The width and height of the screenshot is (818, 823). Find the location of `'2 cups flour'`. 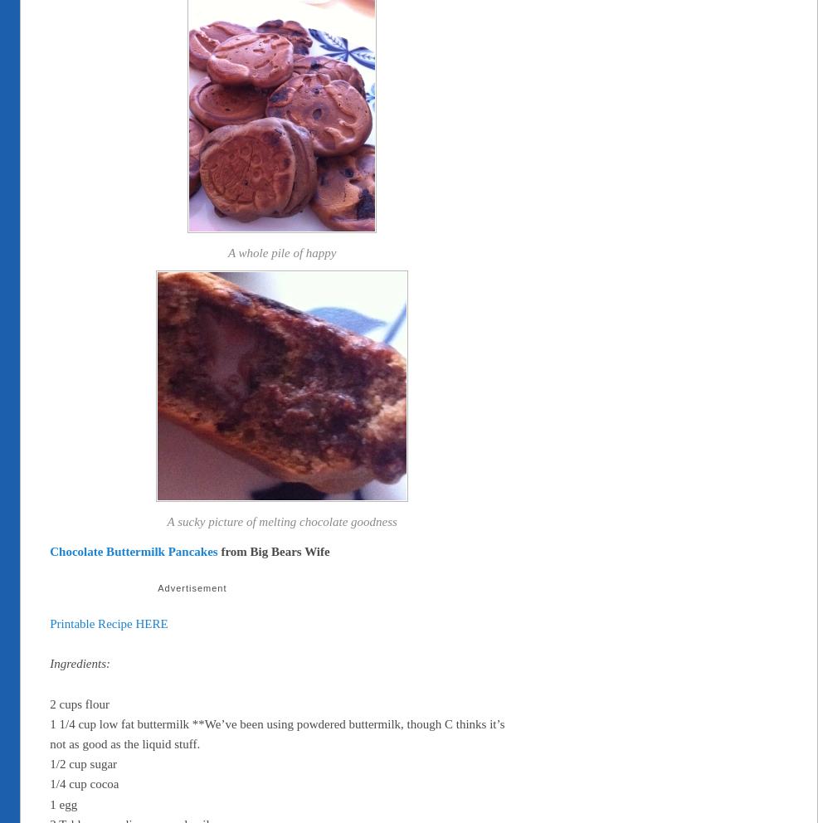

'2 cups flour' is located at coordinates (79, 702).